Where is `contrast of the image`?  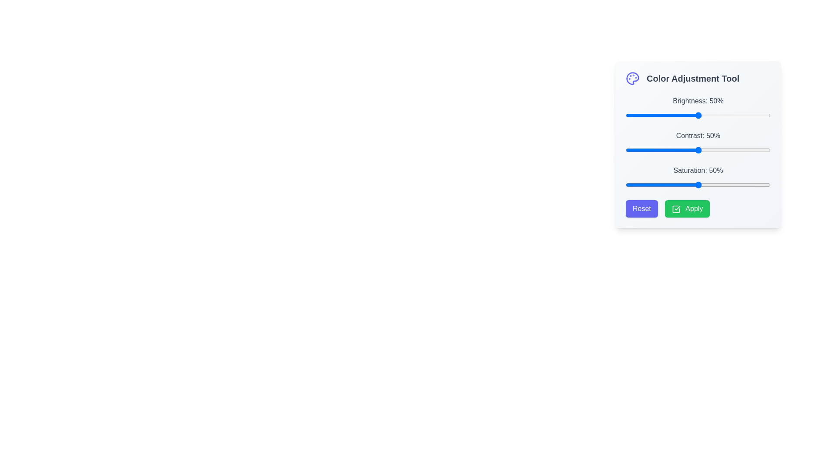 contrast of the image is located at coordinates (647, 150).